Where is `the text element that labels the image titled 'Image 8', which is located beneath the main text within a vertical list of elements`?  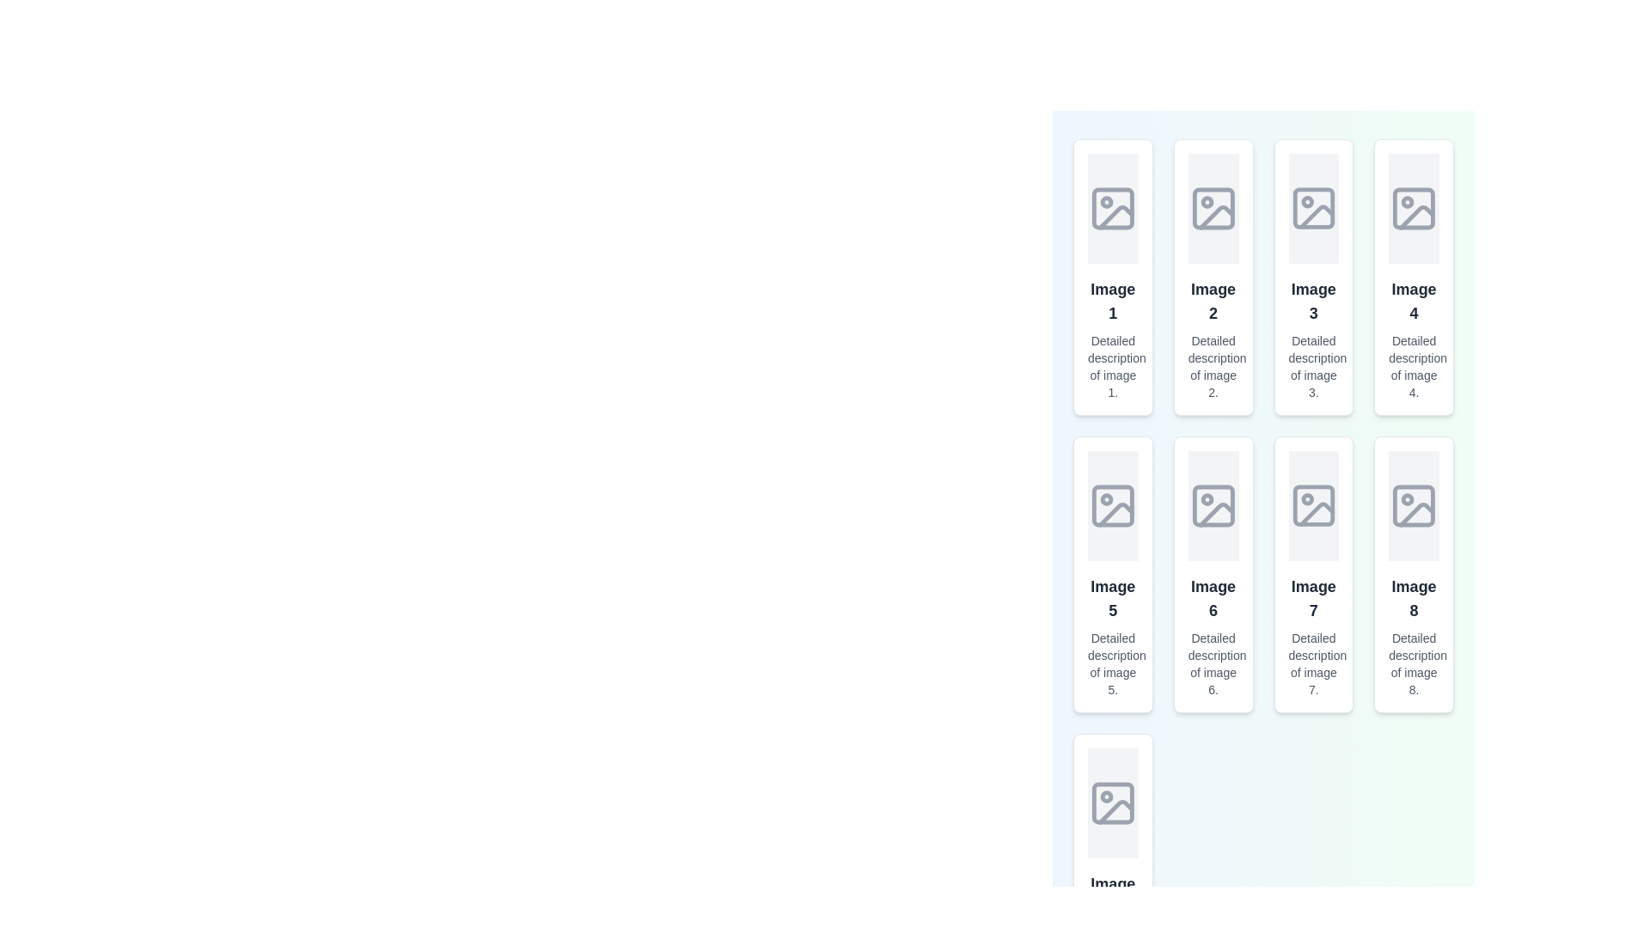
the text element that labels the image titled 'Image 8', which is located beneath the main text within a vertical list of elements is located at coordinates (1414, 662).